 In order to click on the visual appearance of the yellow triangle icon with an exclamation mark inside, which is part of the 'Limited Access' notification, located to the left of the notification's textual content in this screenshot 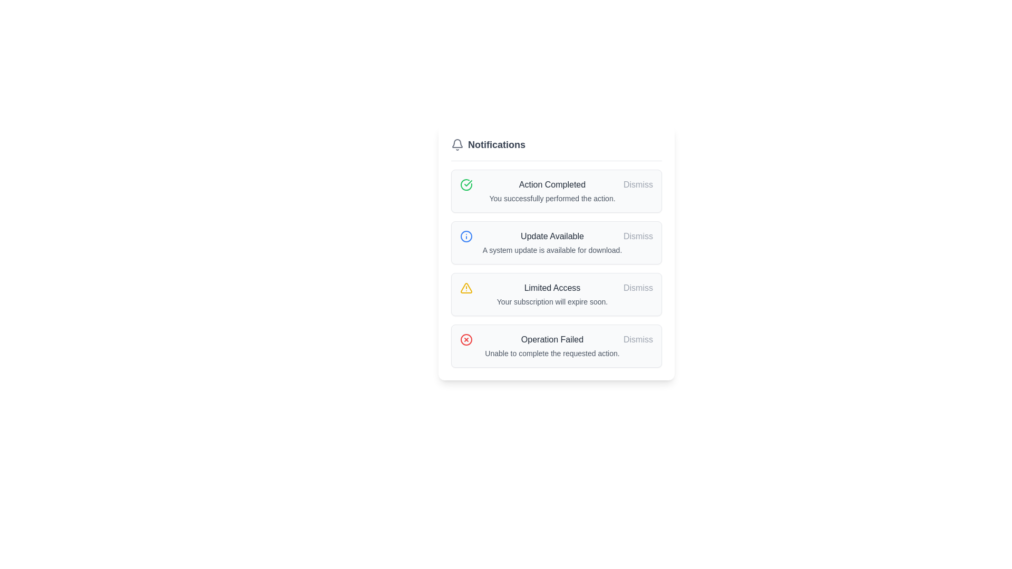, I will do `click(465, 288)`.